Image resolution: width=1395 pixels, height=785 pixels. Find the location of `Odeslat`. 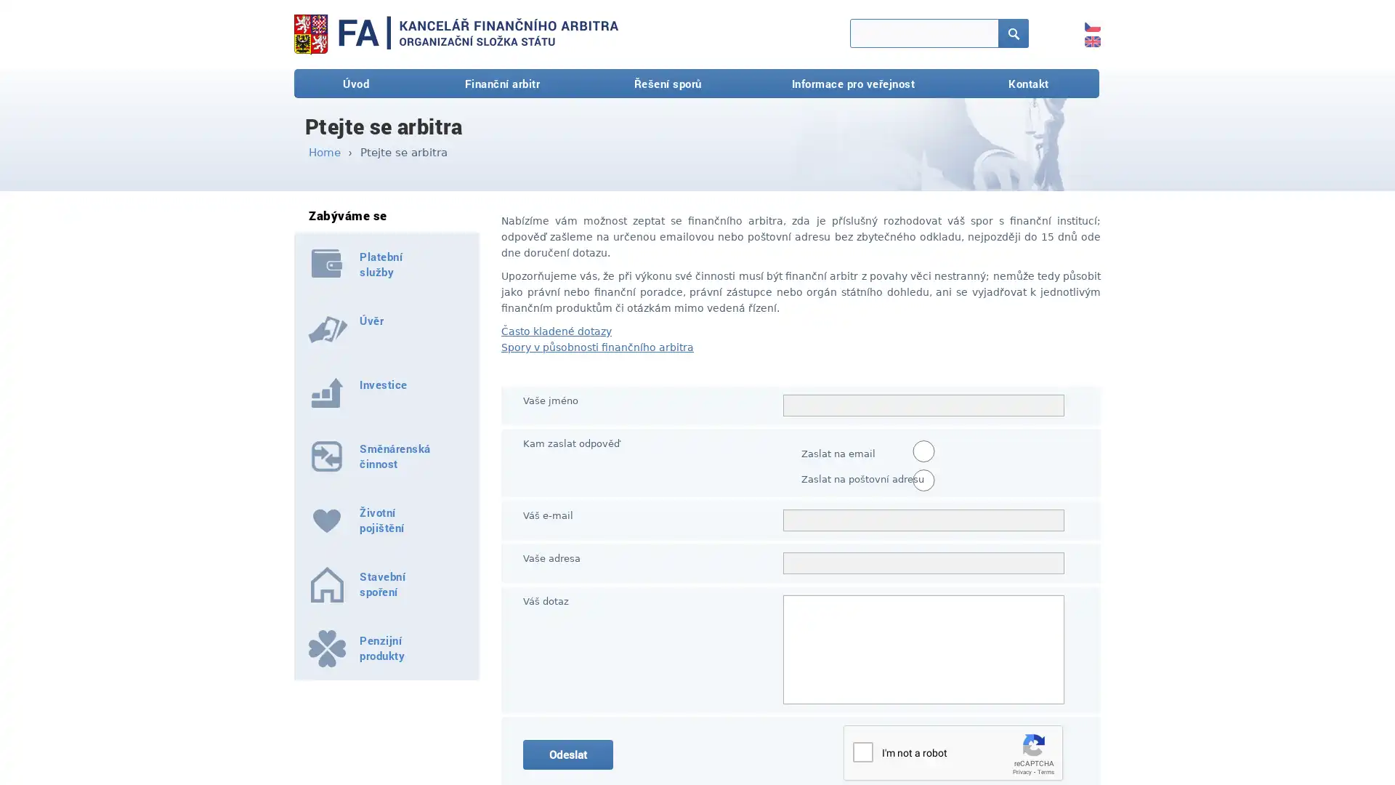

Odeslat is located at coordinates (567, 754).